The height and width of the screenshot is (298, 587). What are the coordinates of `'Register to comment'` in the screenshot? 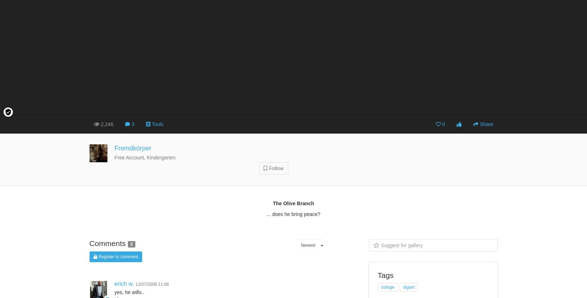 It's located at (117, 256).